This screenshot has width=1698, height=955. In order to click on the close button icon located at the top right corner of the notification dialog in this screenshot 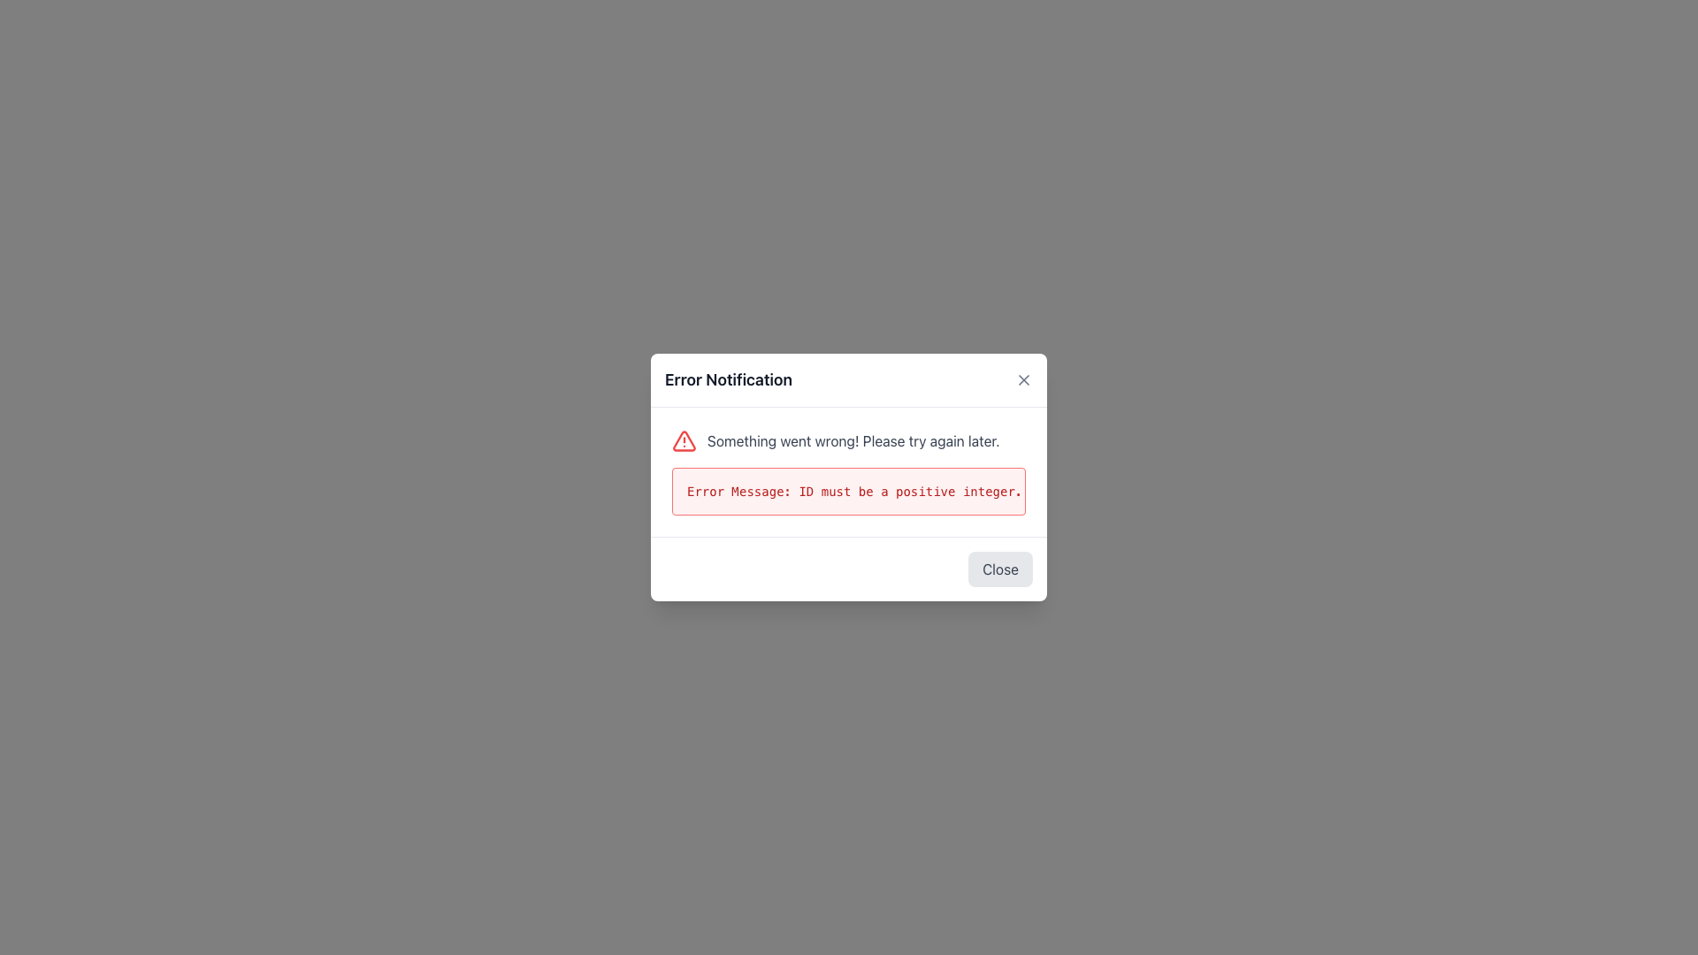, I will do `click(1023, 378)`.